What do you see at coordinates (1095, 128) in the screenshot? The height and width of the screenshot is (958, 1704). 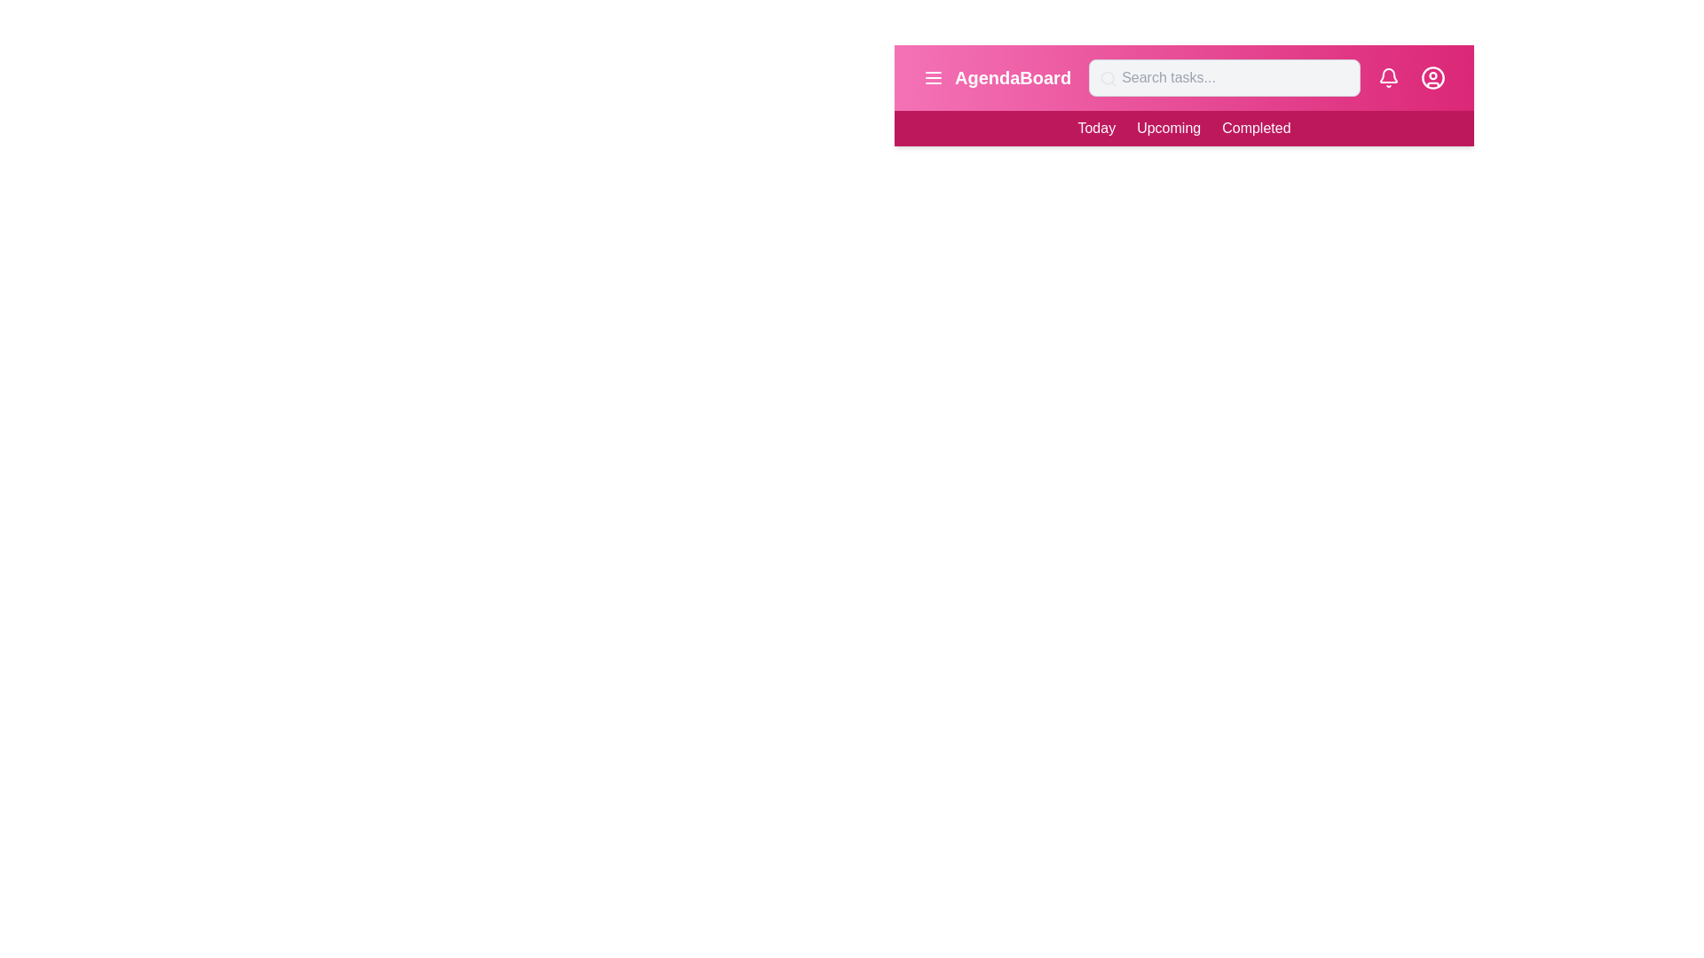 I see `the 'Today' menu item in the navigation bar` at bounding box center [1095, 128].